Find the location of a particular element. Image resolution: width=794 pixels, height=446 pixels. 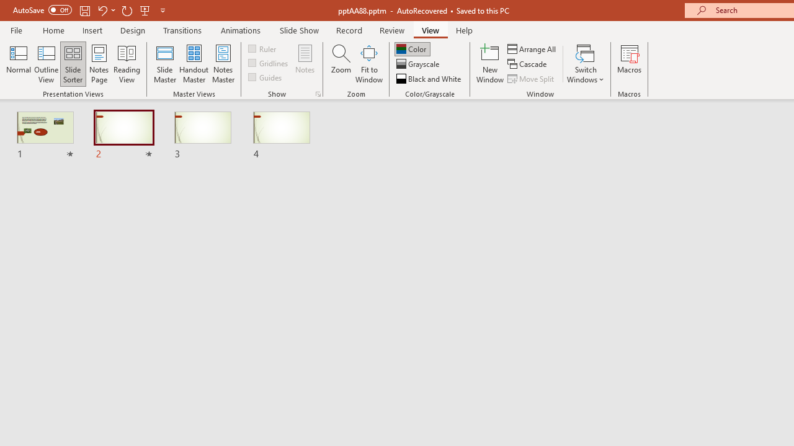

'Arrange All' is located at coordinates (532, 48).